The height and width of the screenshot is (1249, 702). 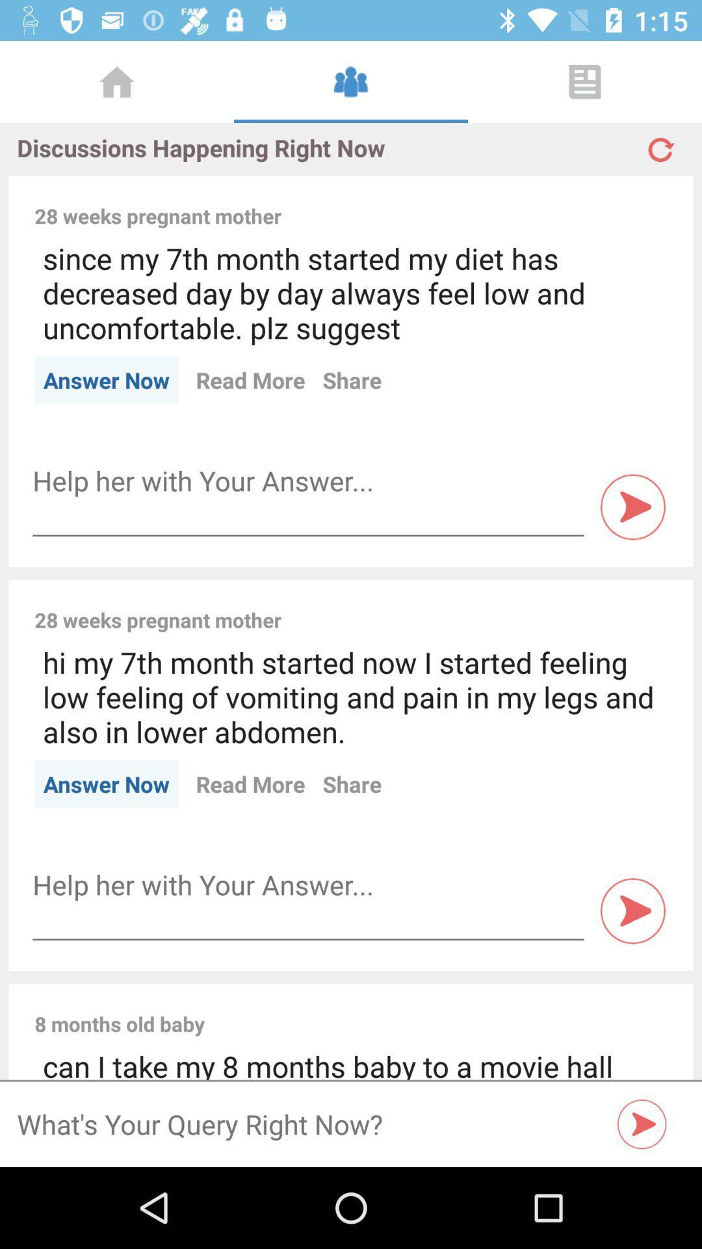 What do you see at coordinates (351, 1063) in the screenshot?
I see `item below 8 months old item` at bounding box center [351, 1063].